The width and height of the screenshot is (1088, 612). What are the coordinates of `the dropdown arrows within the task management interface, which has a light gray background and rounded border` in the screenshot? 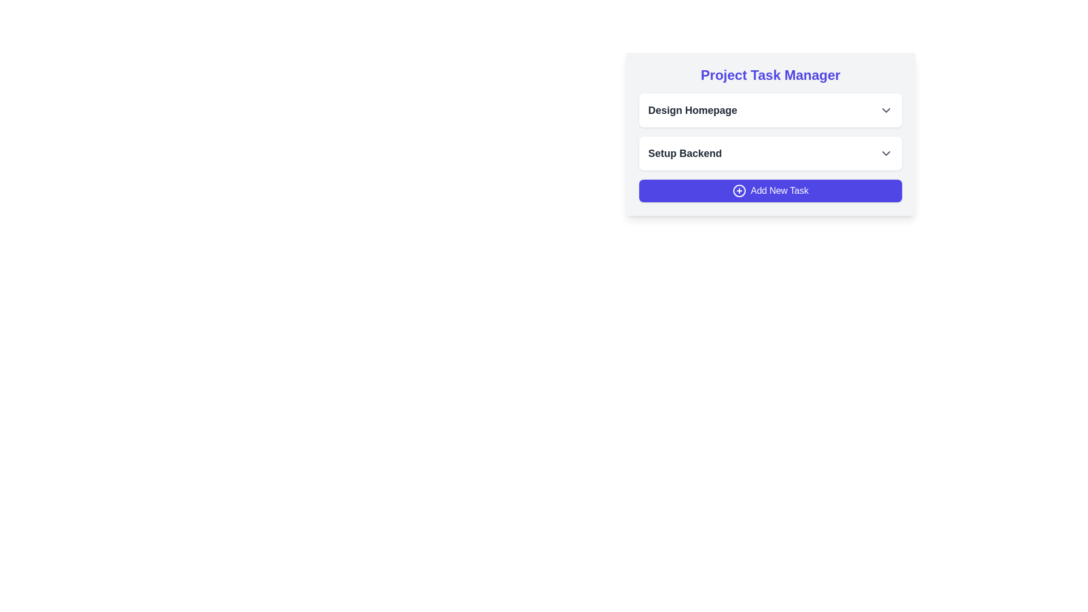 It's located at (770, 133).